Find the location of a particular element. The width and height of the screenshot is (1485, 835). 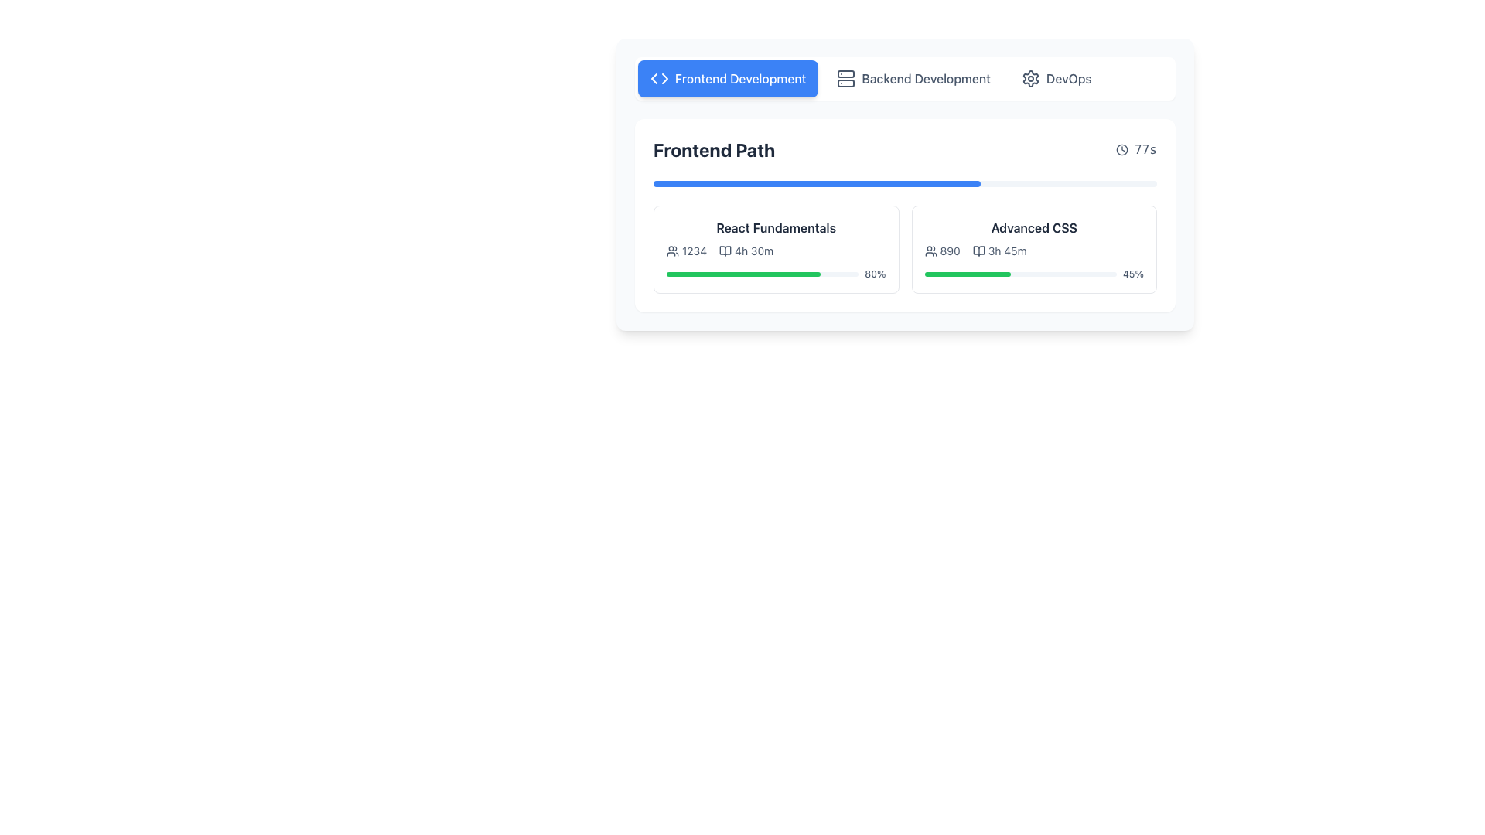

the 'Advanced CSS' course title text label located at the top of the right course card is located at coordinates (1034, 227).